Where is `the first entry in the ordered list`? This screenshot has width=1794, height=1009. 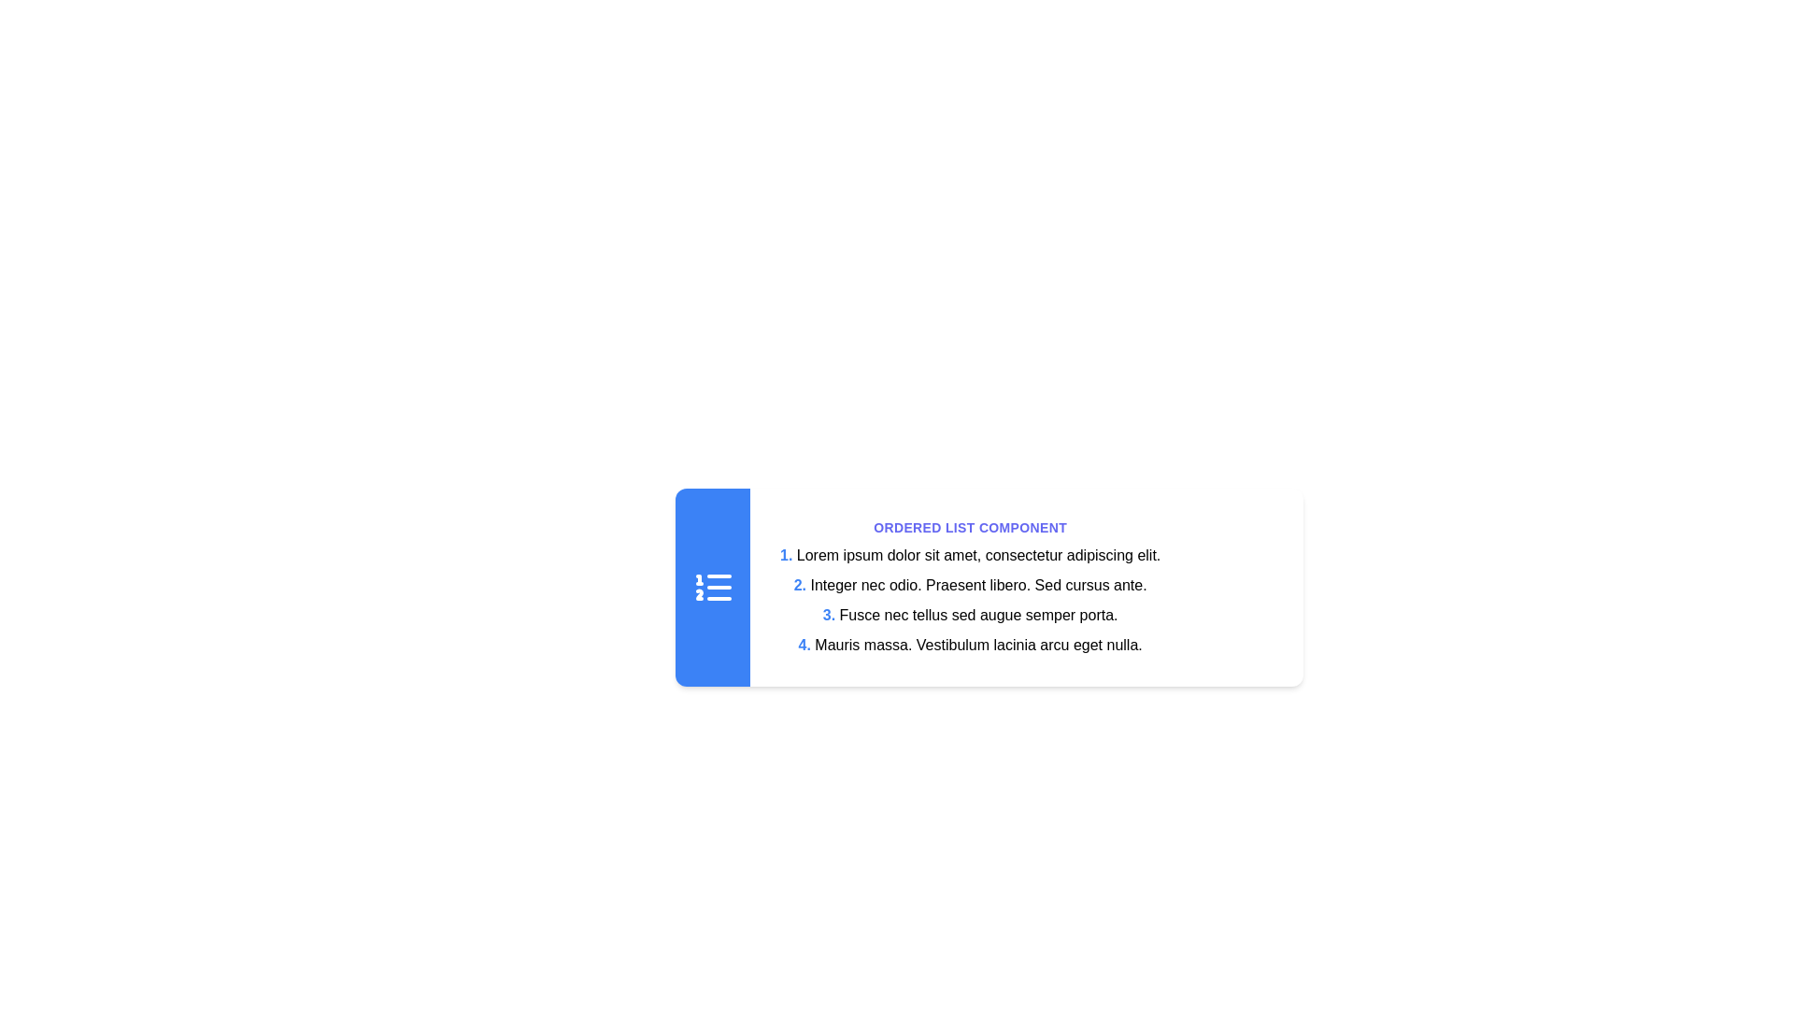
the first entry in the ordered list is located at coordinates (970, 554).